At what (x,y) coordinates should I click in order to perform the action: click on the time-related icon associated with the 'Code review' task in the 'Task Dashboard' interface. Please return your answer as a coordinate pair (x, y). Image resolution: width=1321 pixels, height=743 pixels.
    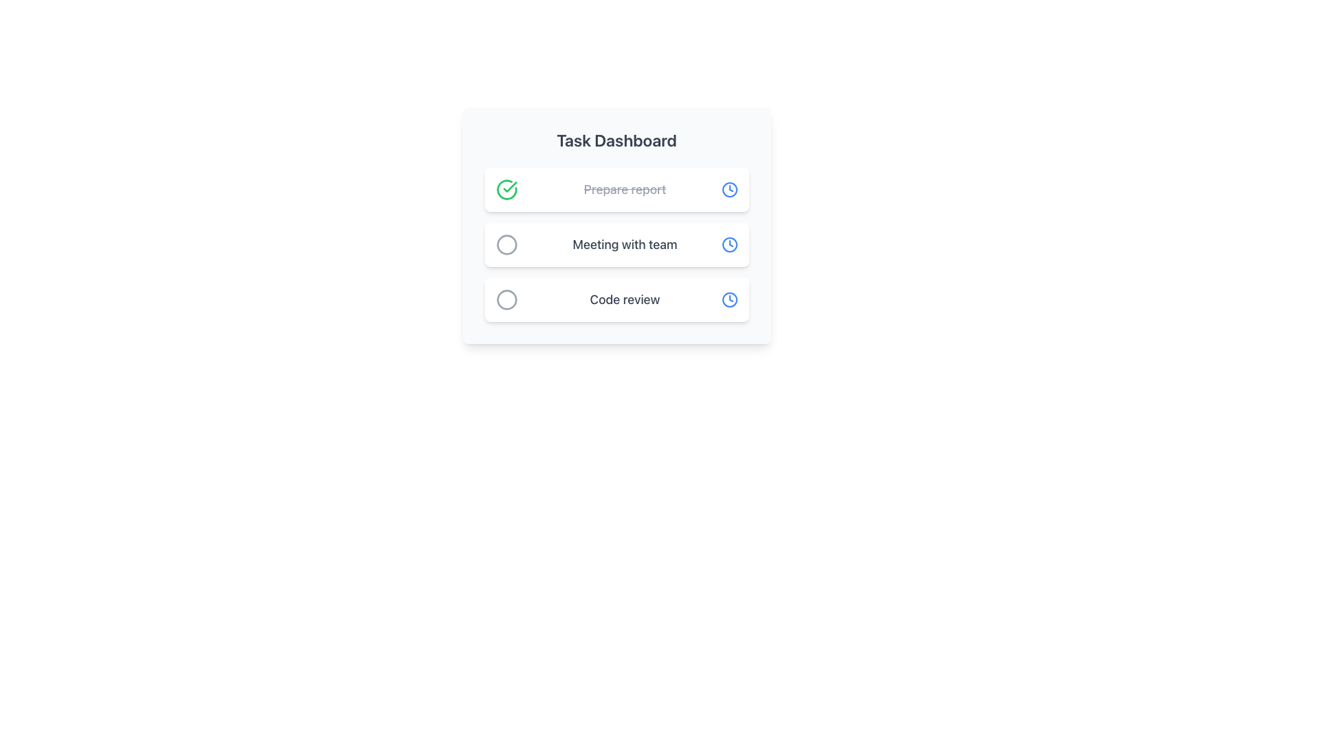
    Looking at the image, I should click on (729, 299).